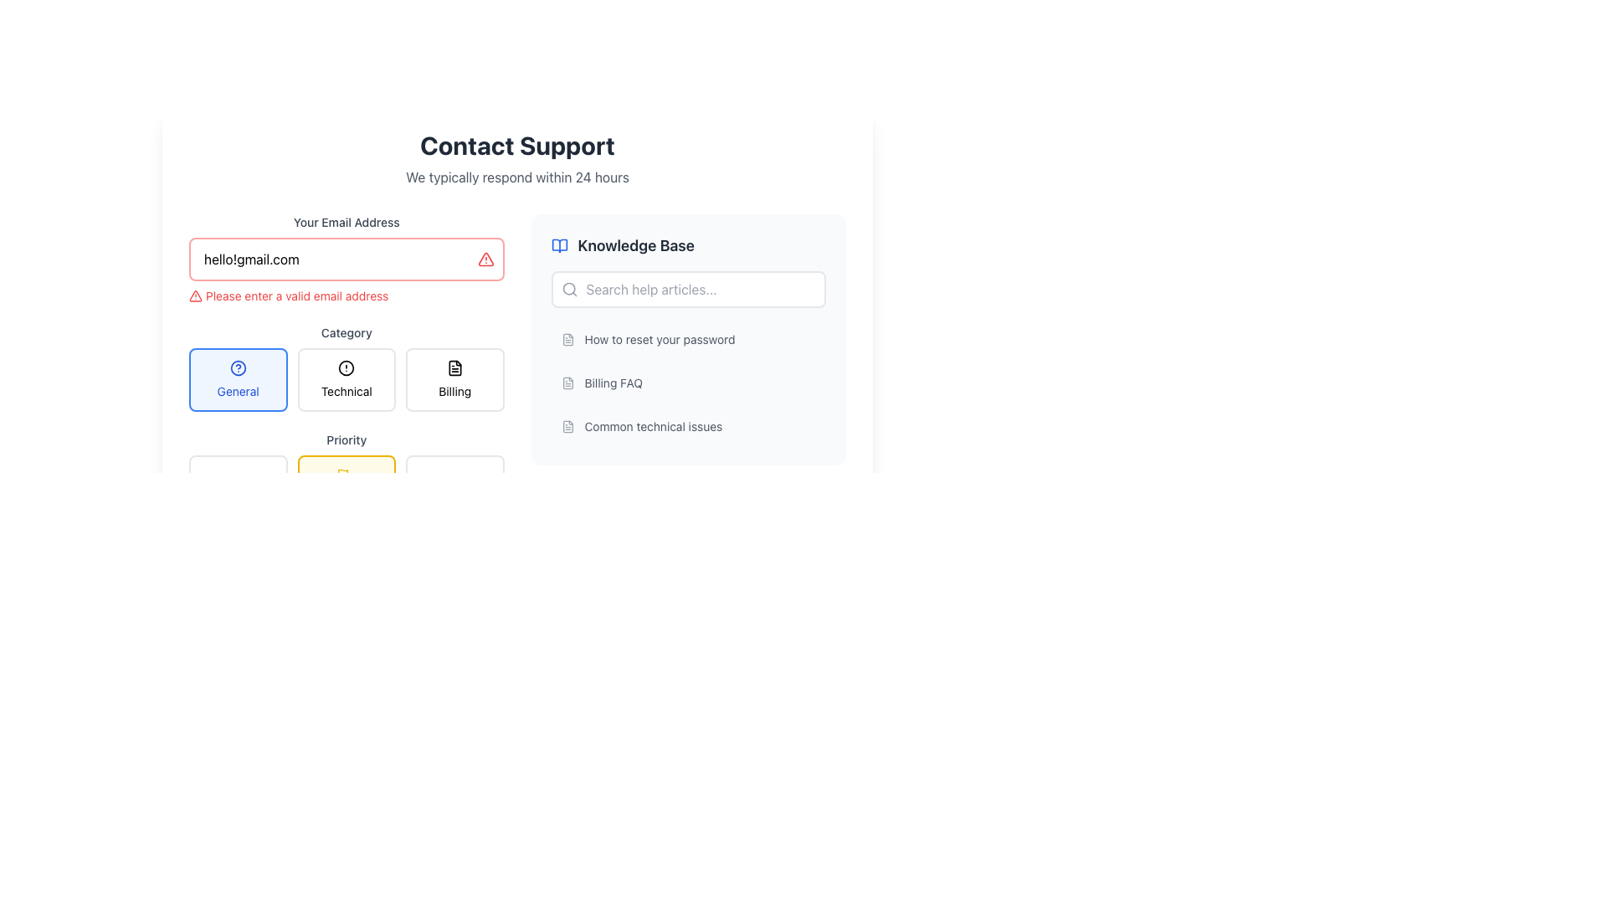  I want to click on the decorative book icon located to the left of the 'Knowledge Base' heading in the Knowledge Base section, so click(559, 245).